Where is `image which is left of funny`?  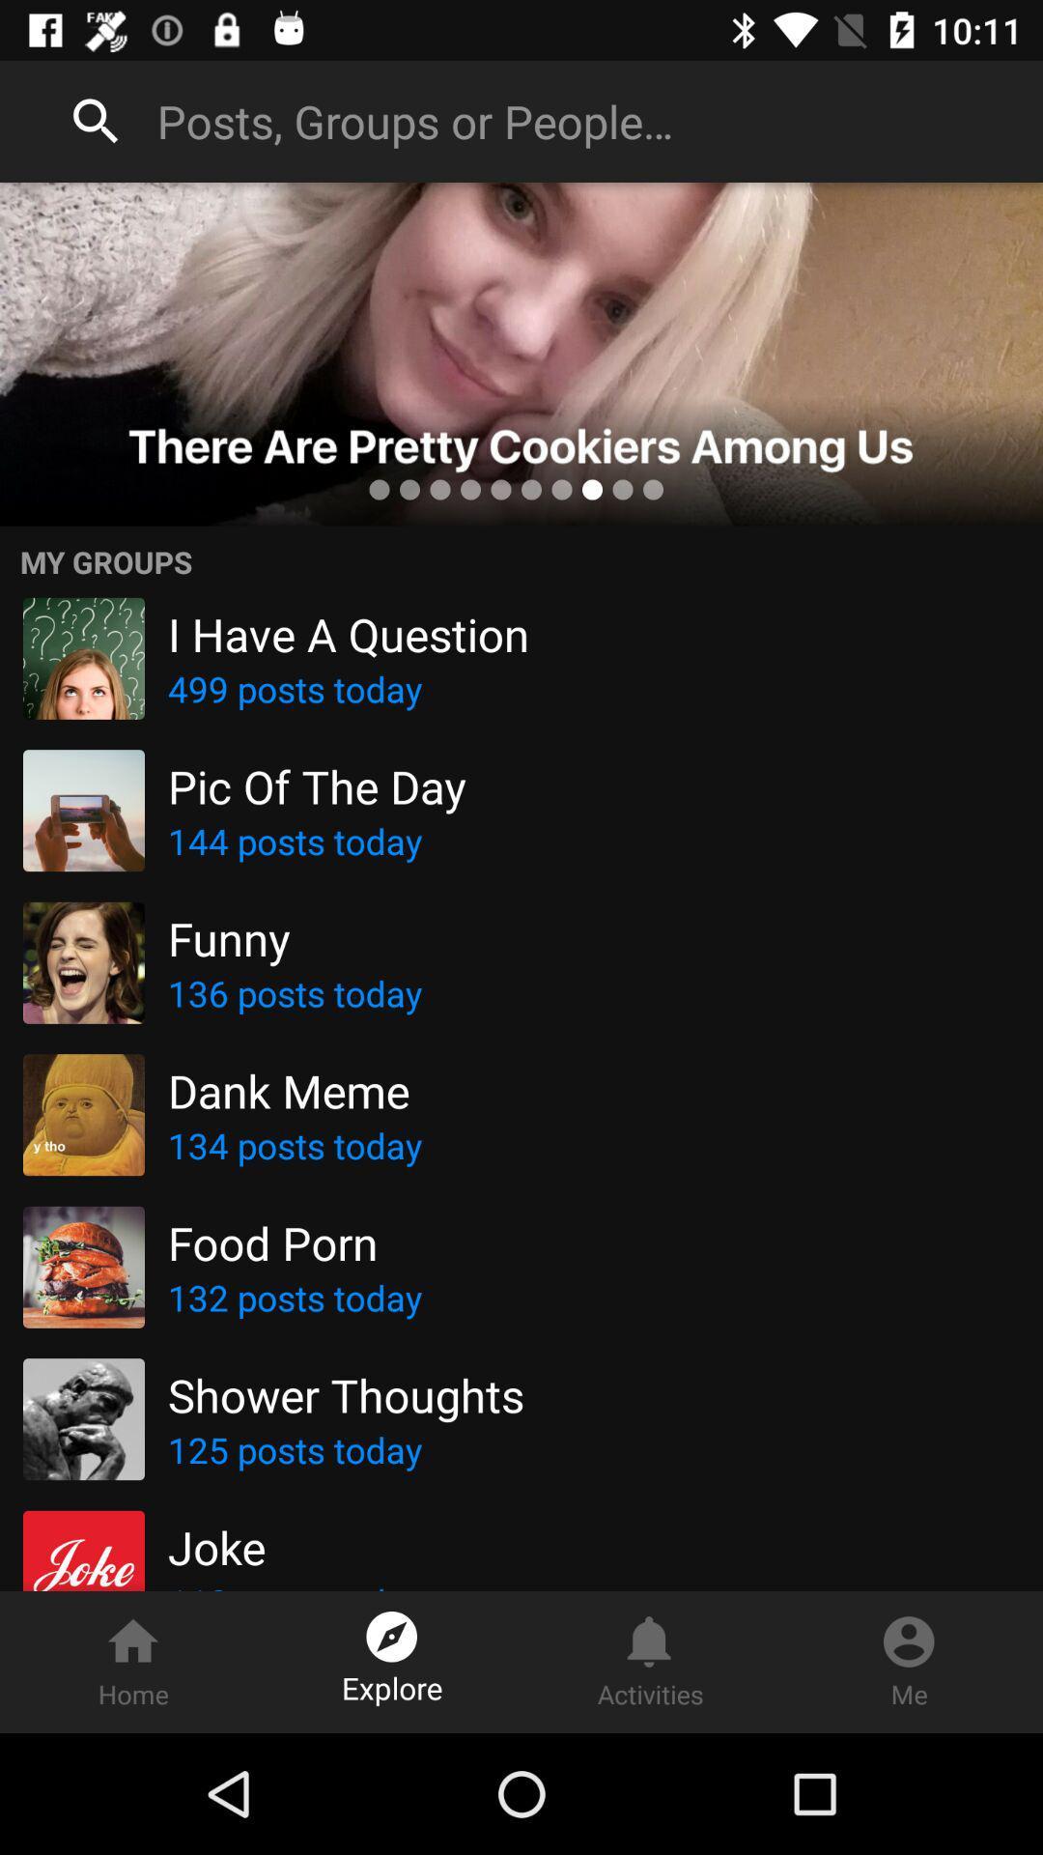
image which is left of funny is located at coordinates (83, 963).